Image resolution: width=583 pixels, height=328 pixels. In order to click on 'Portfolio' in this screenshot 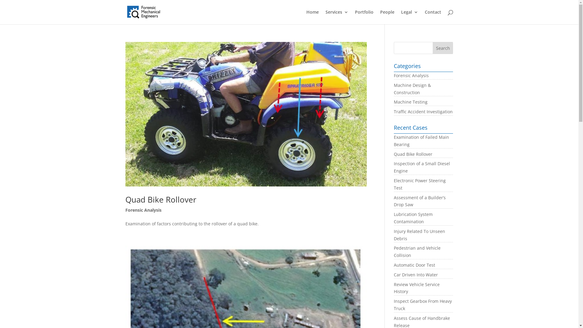, I will do `click(364, 17)`.